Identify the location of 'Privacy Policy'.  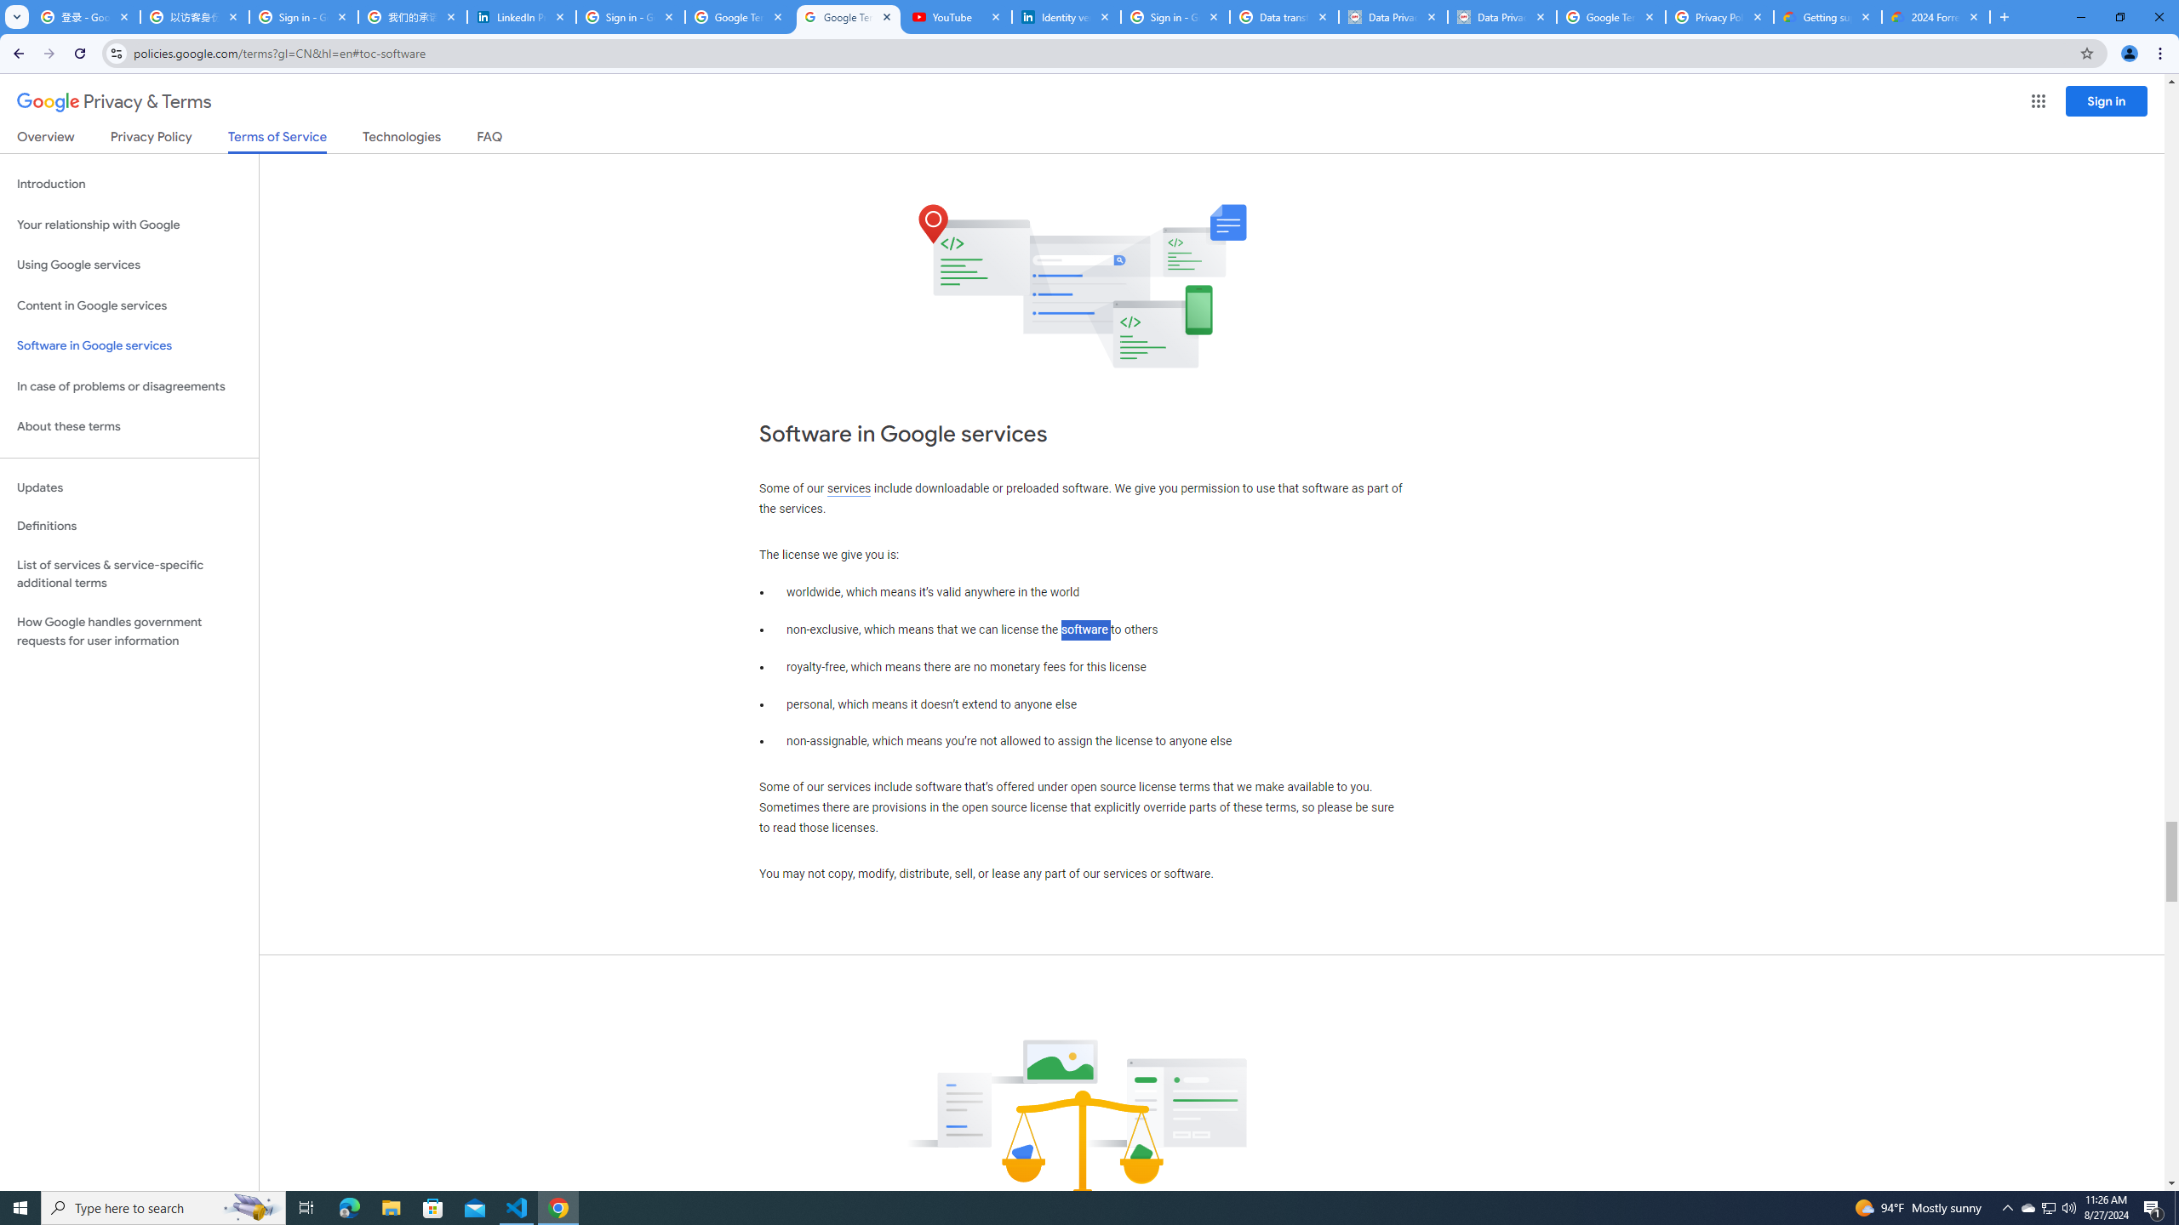
(149, 140).